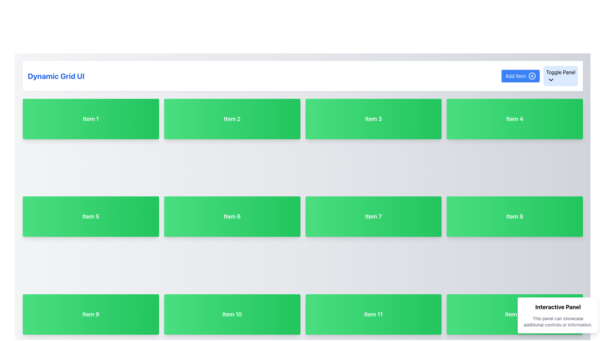 Image resolution: width=606 pixels, height=341 pixels. Describe the element at coordinates (90, 314) in the screenshot. I see `the green gradient button labeled 'Item 9' which is the first item in the fourth row of the grid layout` at that location.